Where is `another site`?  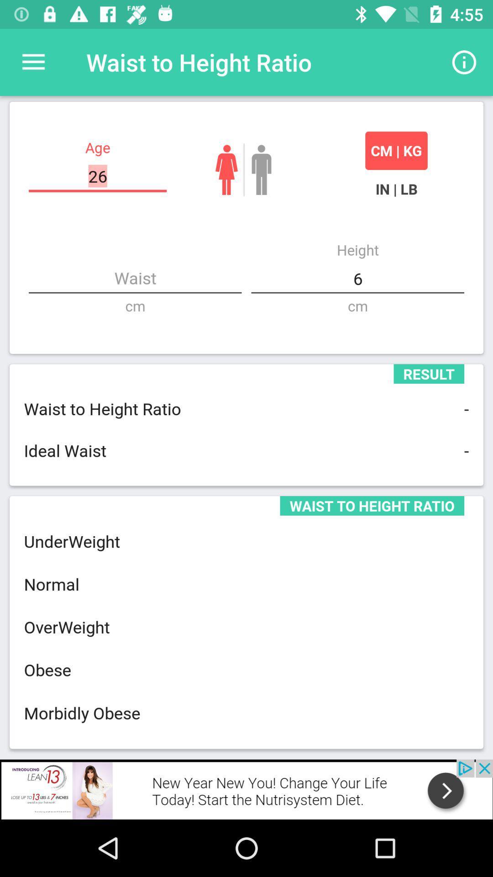 another site is located at coordinates (246, 789).